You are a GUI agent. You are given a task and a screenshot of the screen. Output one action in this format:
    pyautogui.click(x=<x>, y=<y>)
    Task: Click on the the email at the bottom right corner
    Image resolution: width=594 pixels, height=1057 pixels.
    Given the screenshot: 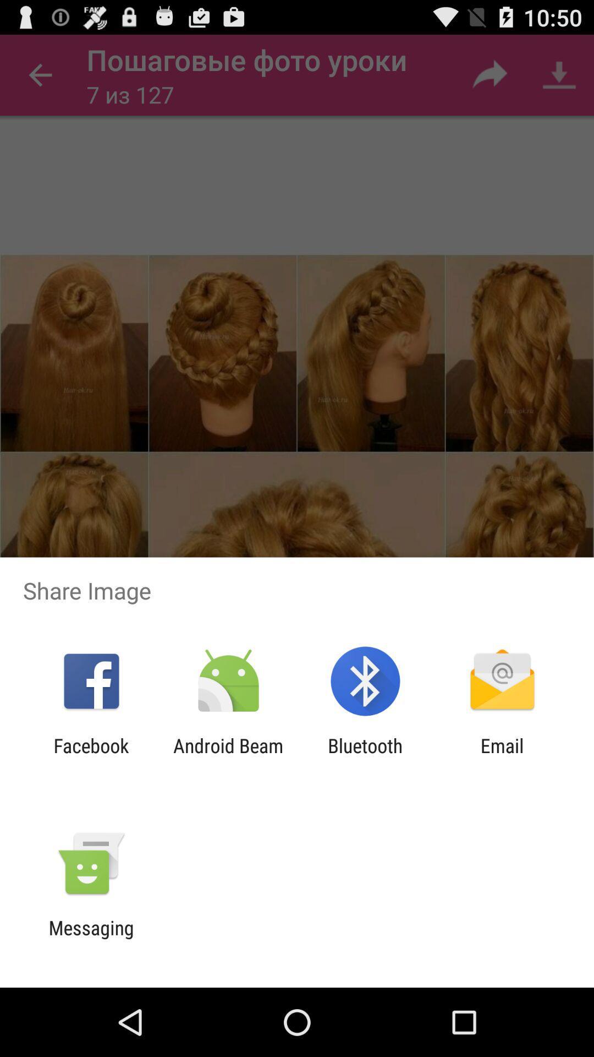 What is the action you would take?
    pyautogui.click(x=502, y=756)
    